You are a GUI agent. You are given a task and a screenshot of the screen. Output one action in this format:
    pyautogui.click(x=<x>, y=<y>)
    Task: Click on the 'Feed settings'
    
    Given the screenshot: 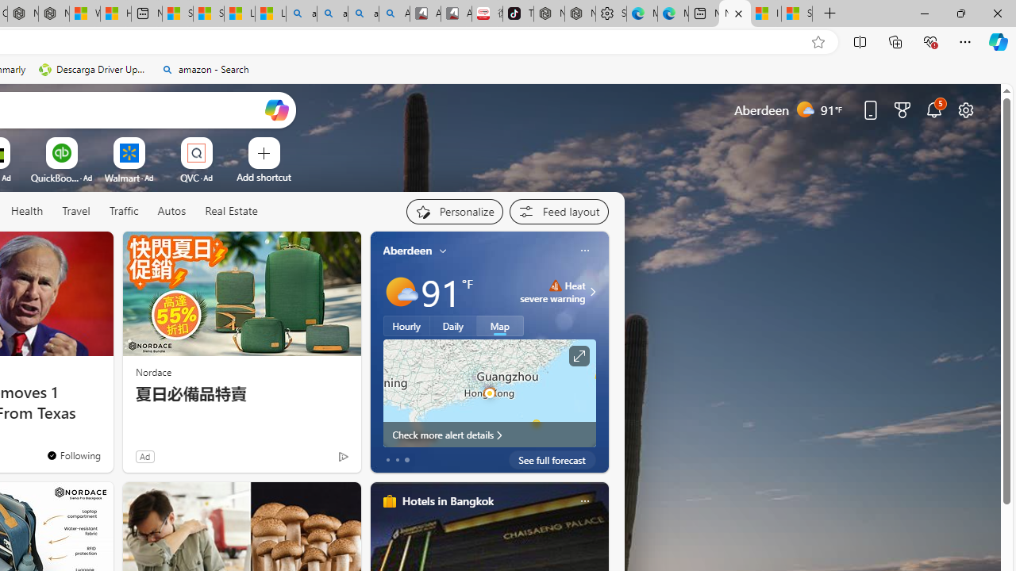 What is the action you would take?
    pyautogui.click(x=559, y=211)
    